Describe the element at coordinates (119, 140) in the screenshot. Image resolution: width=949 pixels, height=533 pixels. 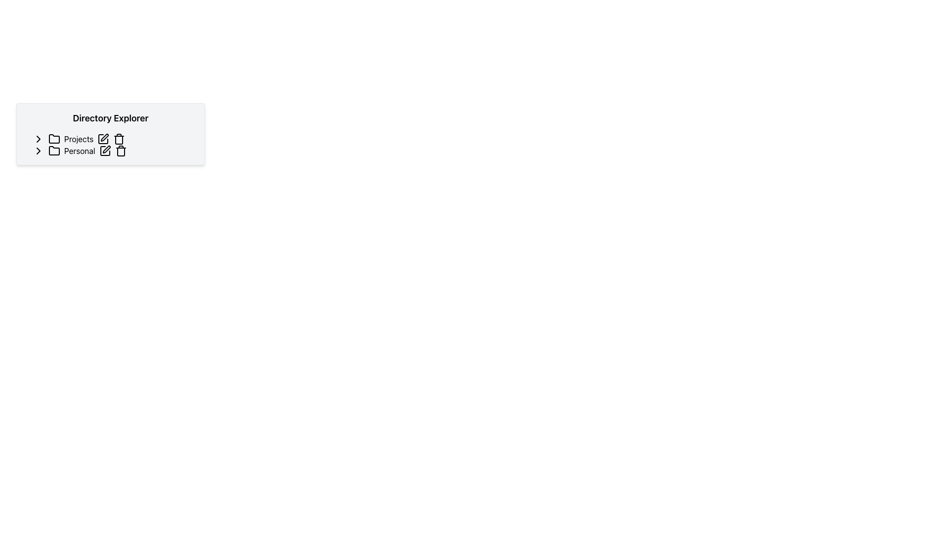
I see `the trash icon located under the 'Projects' folder in the 'Directory Explorer'` at that location.